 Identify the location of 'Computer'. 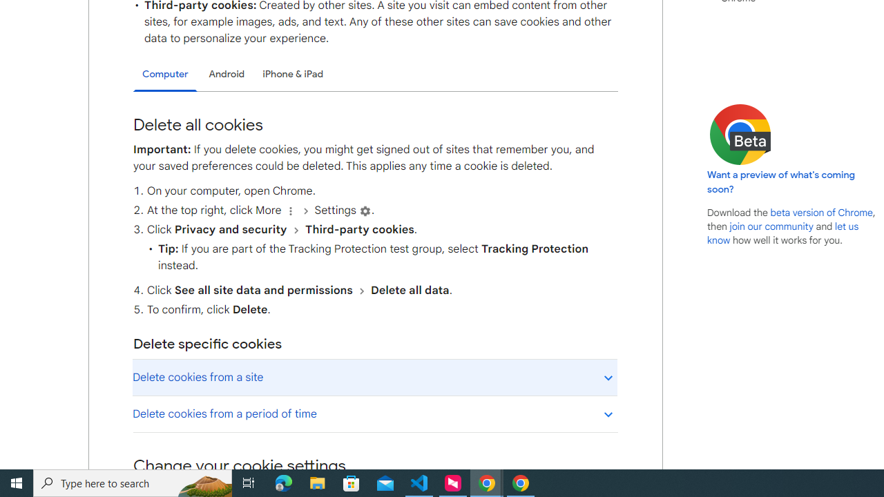
(165, 75).